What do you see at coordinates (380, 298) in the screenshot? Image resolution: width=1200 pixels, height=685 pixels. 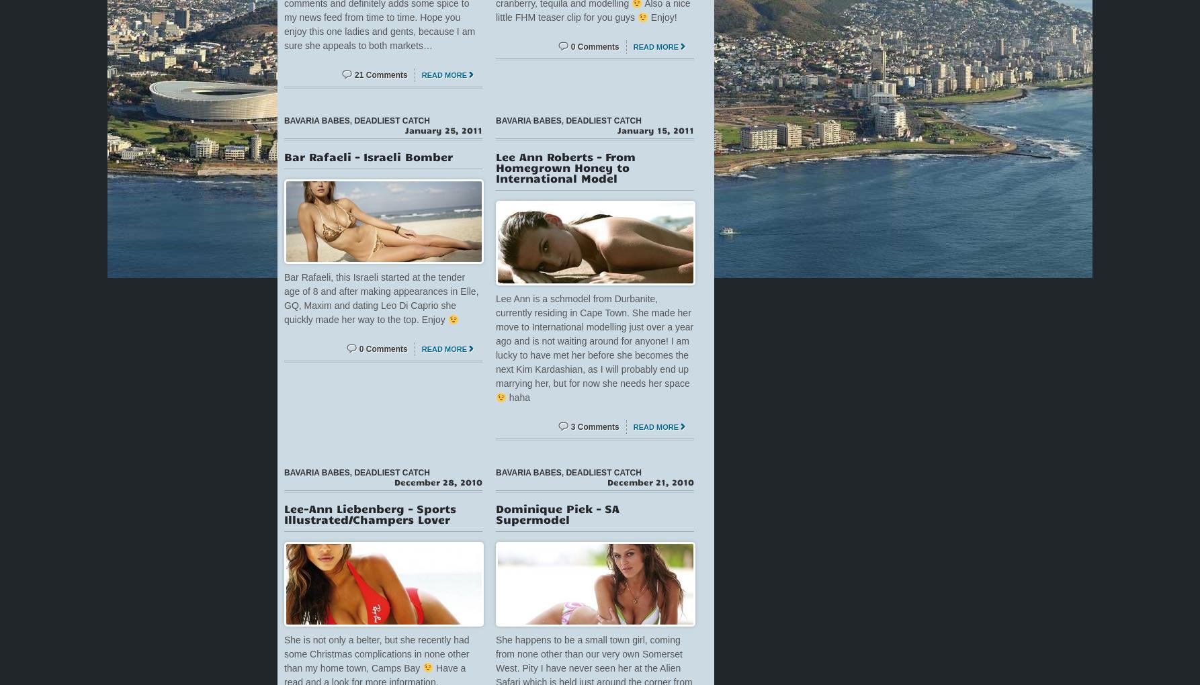 I see `'Bar Rafaeli, this Israeli started at the tender age of 8 and after making appearances in Elle, GQ, Maxim and dating Leo Di Caprio she quickly made her way to the top. Enjoy'` at bounding box center [380, 298].